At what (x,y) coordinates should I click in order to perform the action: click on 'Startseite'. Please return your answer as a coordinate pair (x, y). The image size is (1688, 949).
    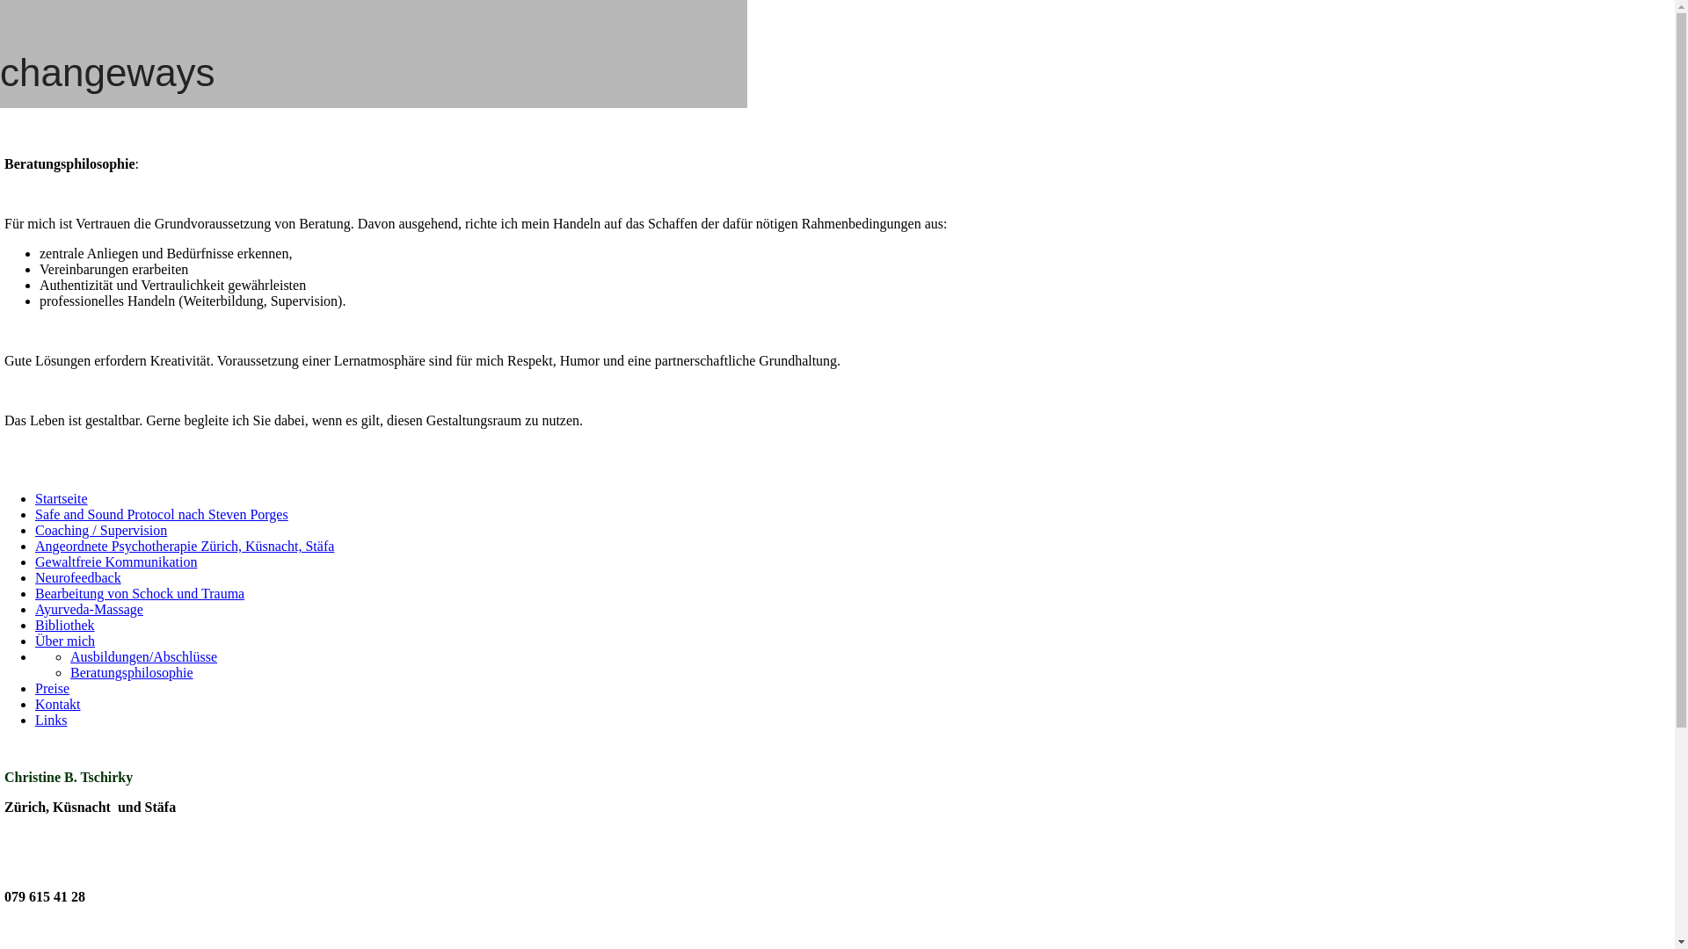
    Looking at the image, I should click on (62, 498).